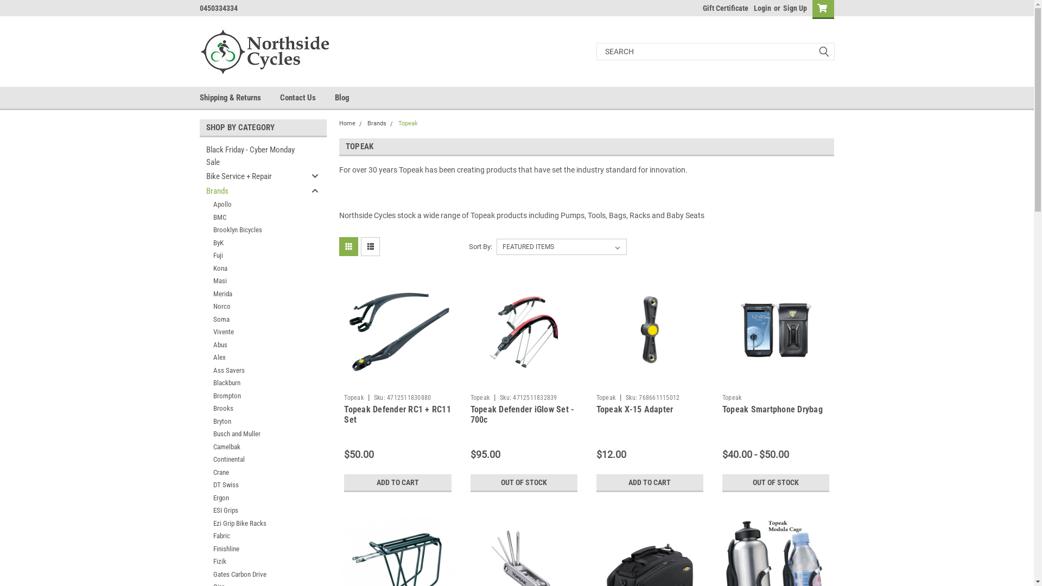  Describe the element at coordinates (408, 123) in the screenshot. I see `'Topeak'` at that location.